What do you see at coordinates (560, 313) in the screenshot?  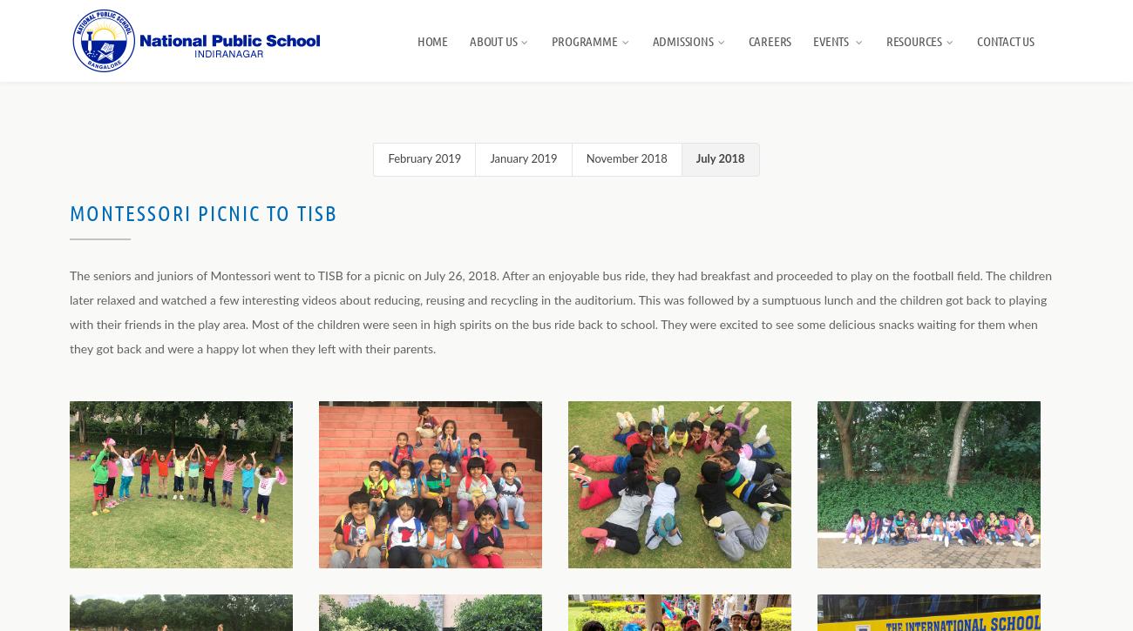 I see `'The seniors and juniors of Montessori went to TISB for a picnic on July 26, 2018. After an enjoyable bus ride, they had breakfast and proceeded to play on the football field. The children later relaxed and watched a few interesting videos about reducing, reusing and recycling in the auditorium. This was followed by a sumptuous lunch and the children got back to playing with their friends in the play area. Most of the children were seen in high spirits on the bus ride back to school. They were excited to see some delicious snacks waiting for them when they got back and were a happy lot when they left with their parents.'` at bounding box center [560, 313].